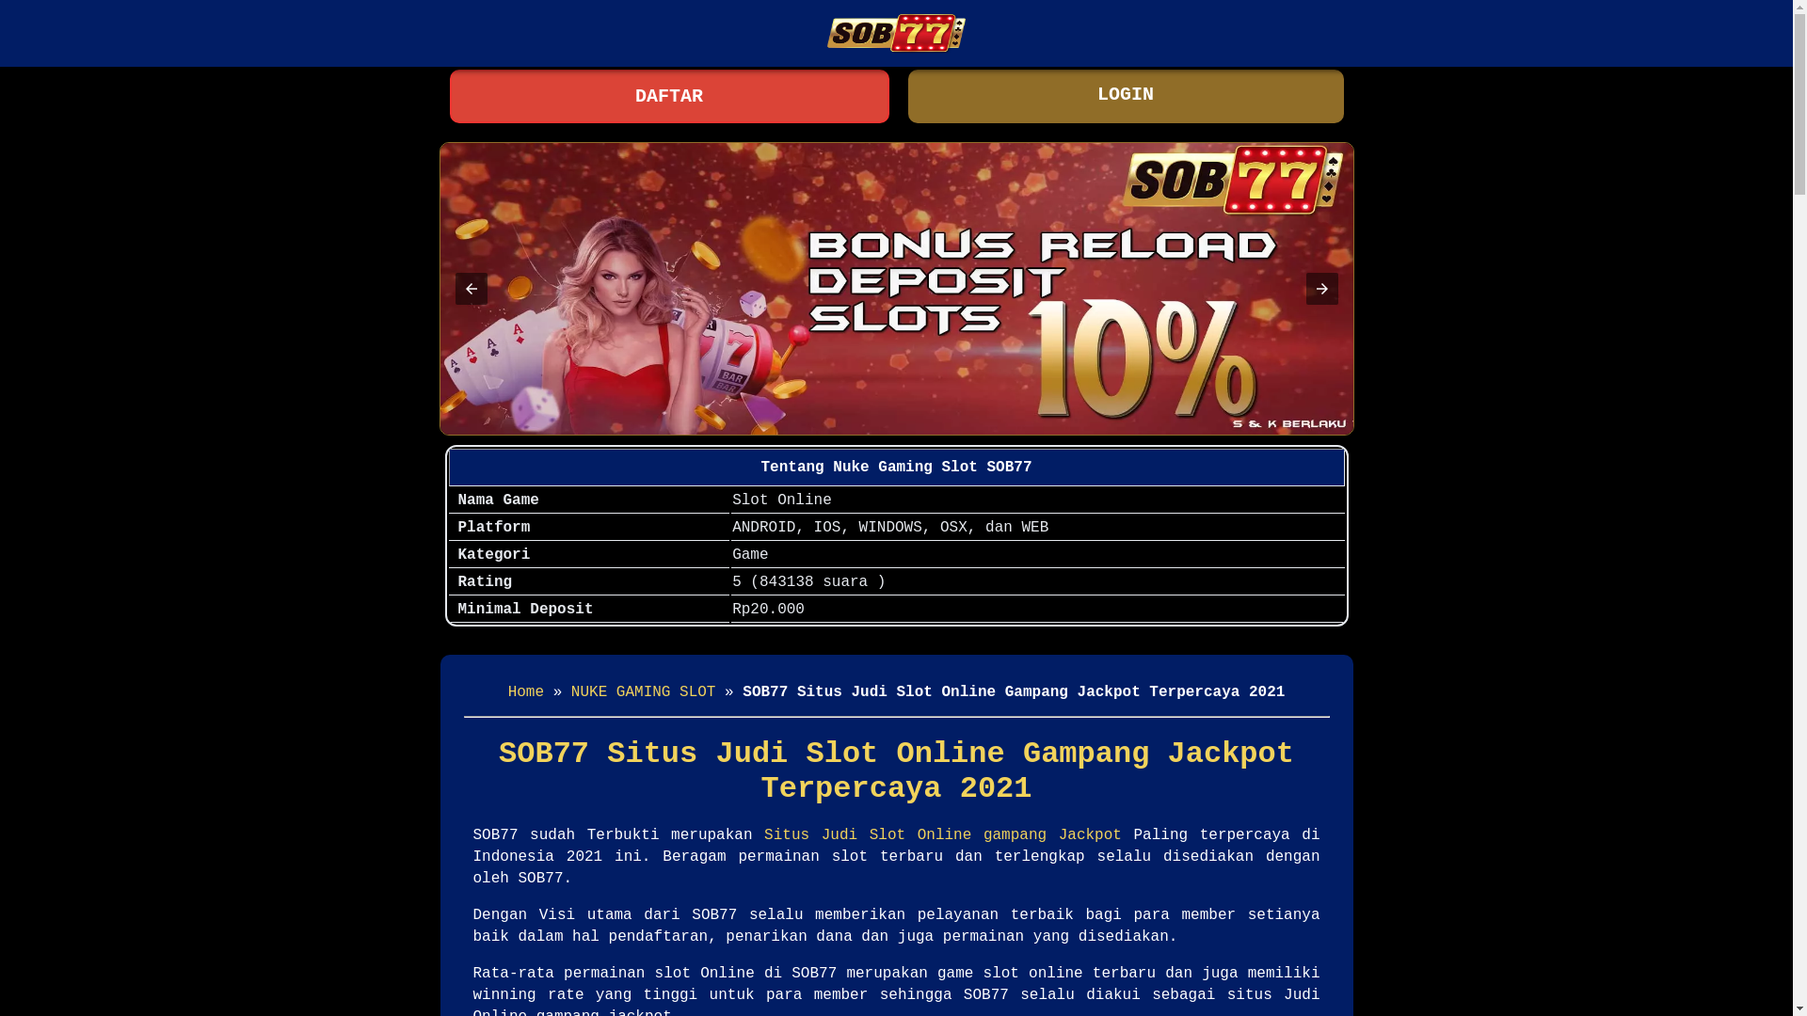  Describe the element at coordinates (669, 96) in the screenshot. I see `'DAFTAR'` at that location.